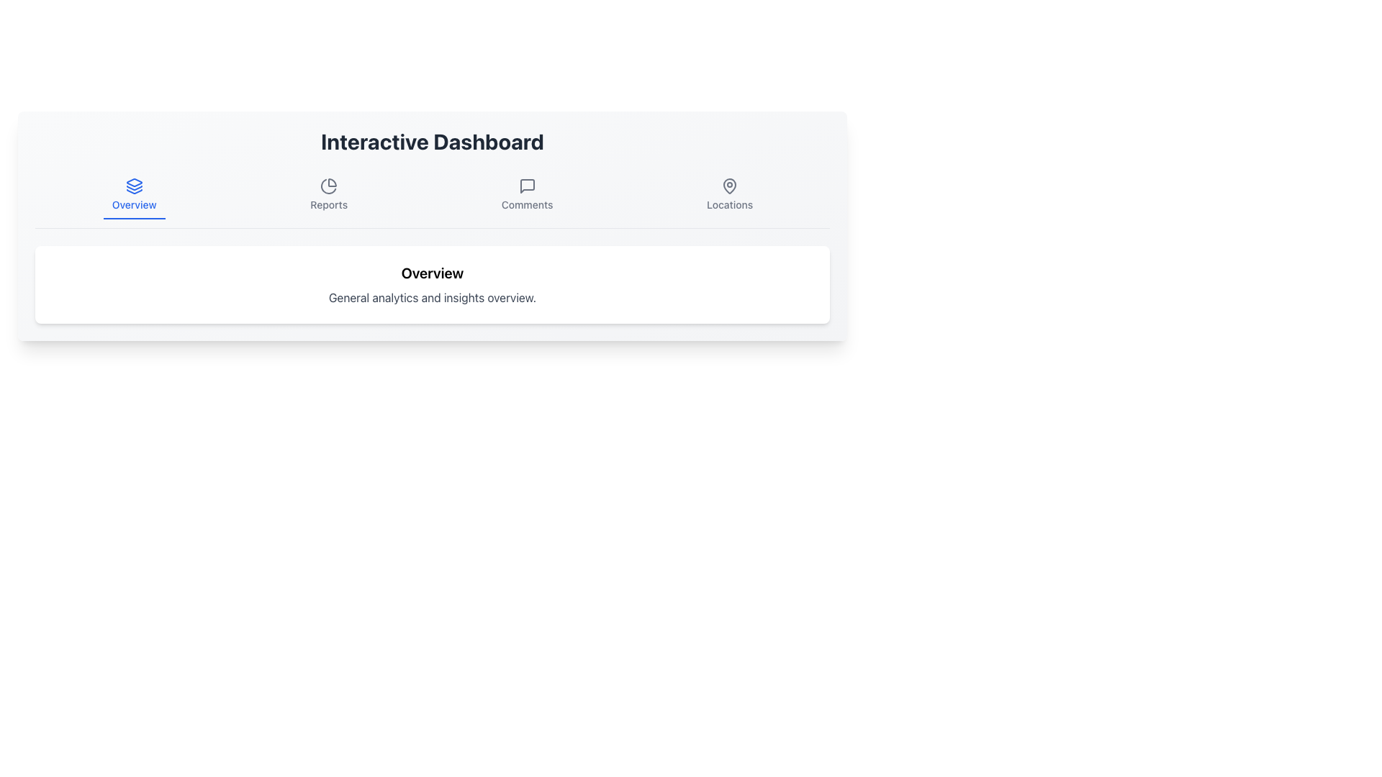 This screenshot has width=1382, height=777. I want to click on the navigation button for 'Locations' located on the rightmost side of the navigation bar, so click(730, 196).